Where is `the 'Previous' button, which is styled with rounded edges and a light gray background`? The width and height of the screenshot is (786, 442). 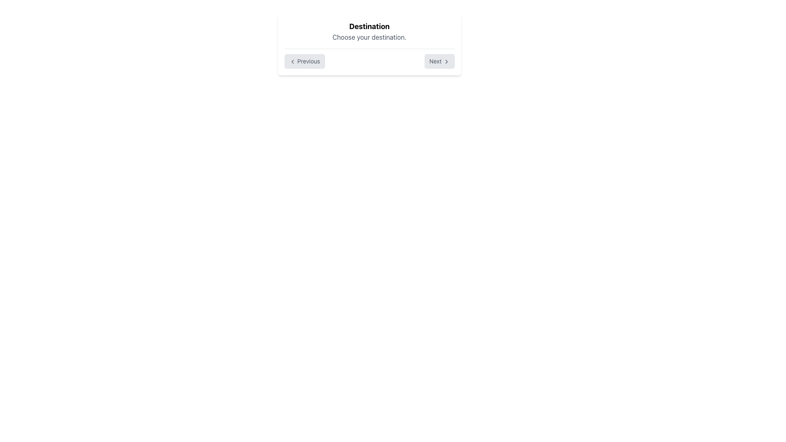 the 'Previous' button, which is styled with rounded edges and a light gray background is located at coordinates (304, 61).